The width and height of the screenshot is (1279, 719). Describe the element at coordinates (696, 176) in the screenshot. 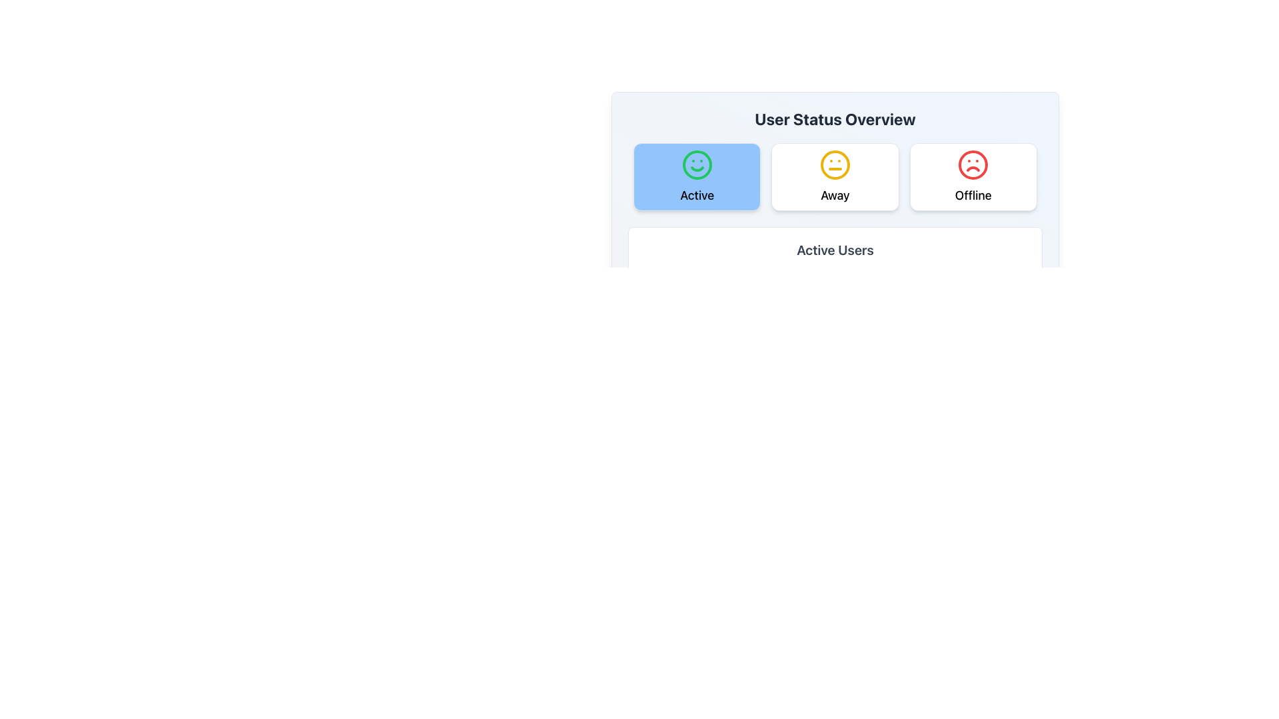

I see `the 'Active' status indicator button to trigger the hover effect` at that location.